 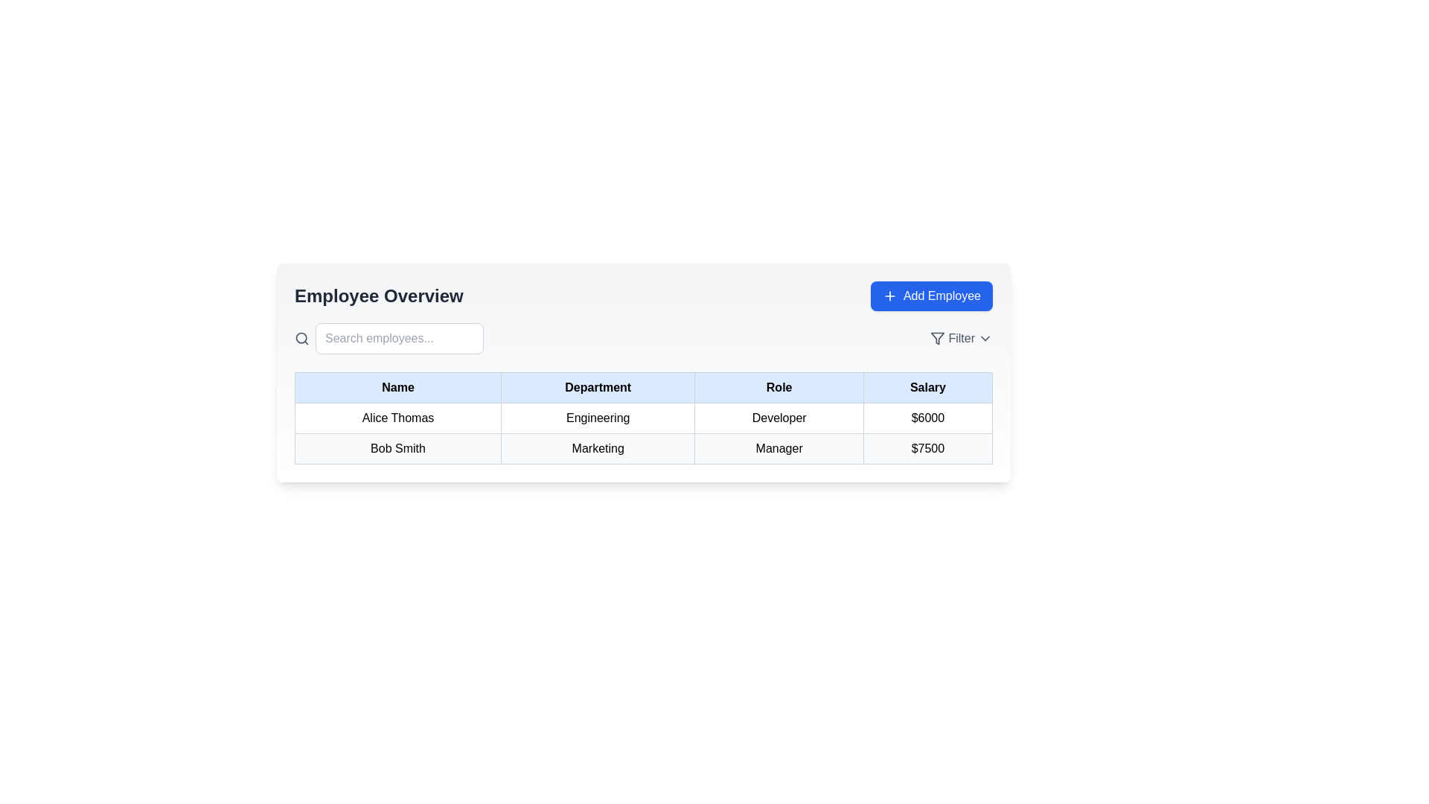 What do you see at coordinates (889, 296) in the screenshot?
I see `the blue circular icon with a white 'plus' symbol, which is part of the 'Add Employee' button located at the top-right corner of the interface` at bounding box center [889, 296].